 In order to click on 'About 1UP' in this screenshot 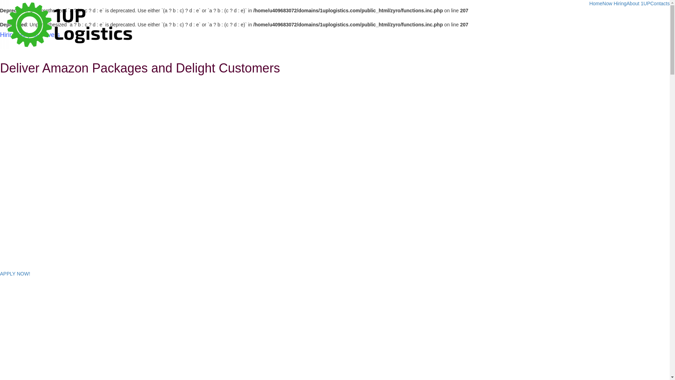, I will do `click(638, 4)`.